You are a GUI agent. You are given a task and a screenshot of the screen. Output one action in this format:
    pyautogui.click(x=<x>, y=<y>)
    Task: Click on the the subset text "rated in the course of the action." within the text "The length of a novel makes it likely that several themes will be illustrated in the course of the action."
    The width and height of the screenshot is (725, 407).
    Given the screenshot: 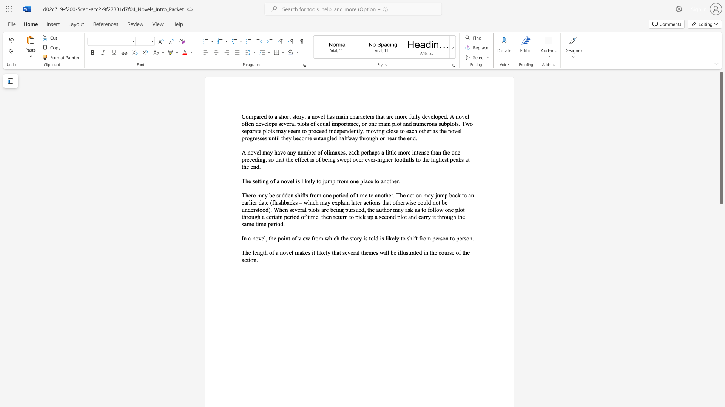 What is the action you would take?
    pyautogui.click(x=409, y=252)
    